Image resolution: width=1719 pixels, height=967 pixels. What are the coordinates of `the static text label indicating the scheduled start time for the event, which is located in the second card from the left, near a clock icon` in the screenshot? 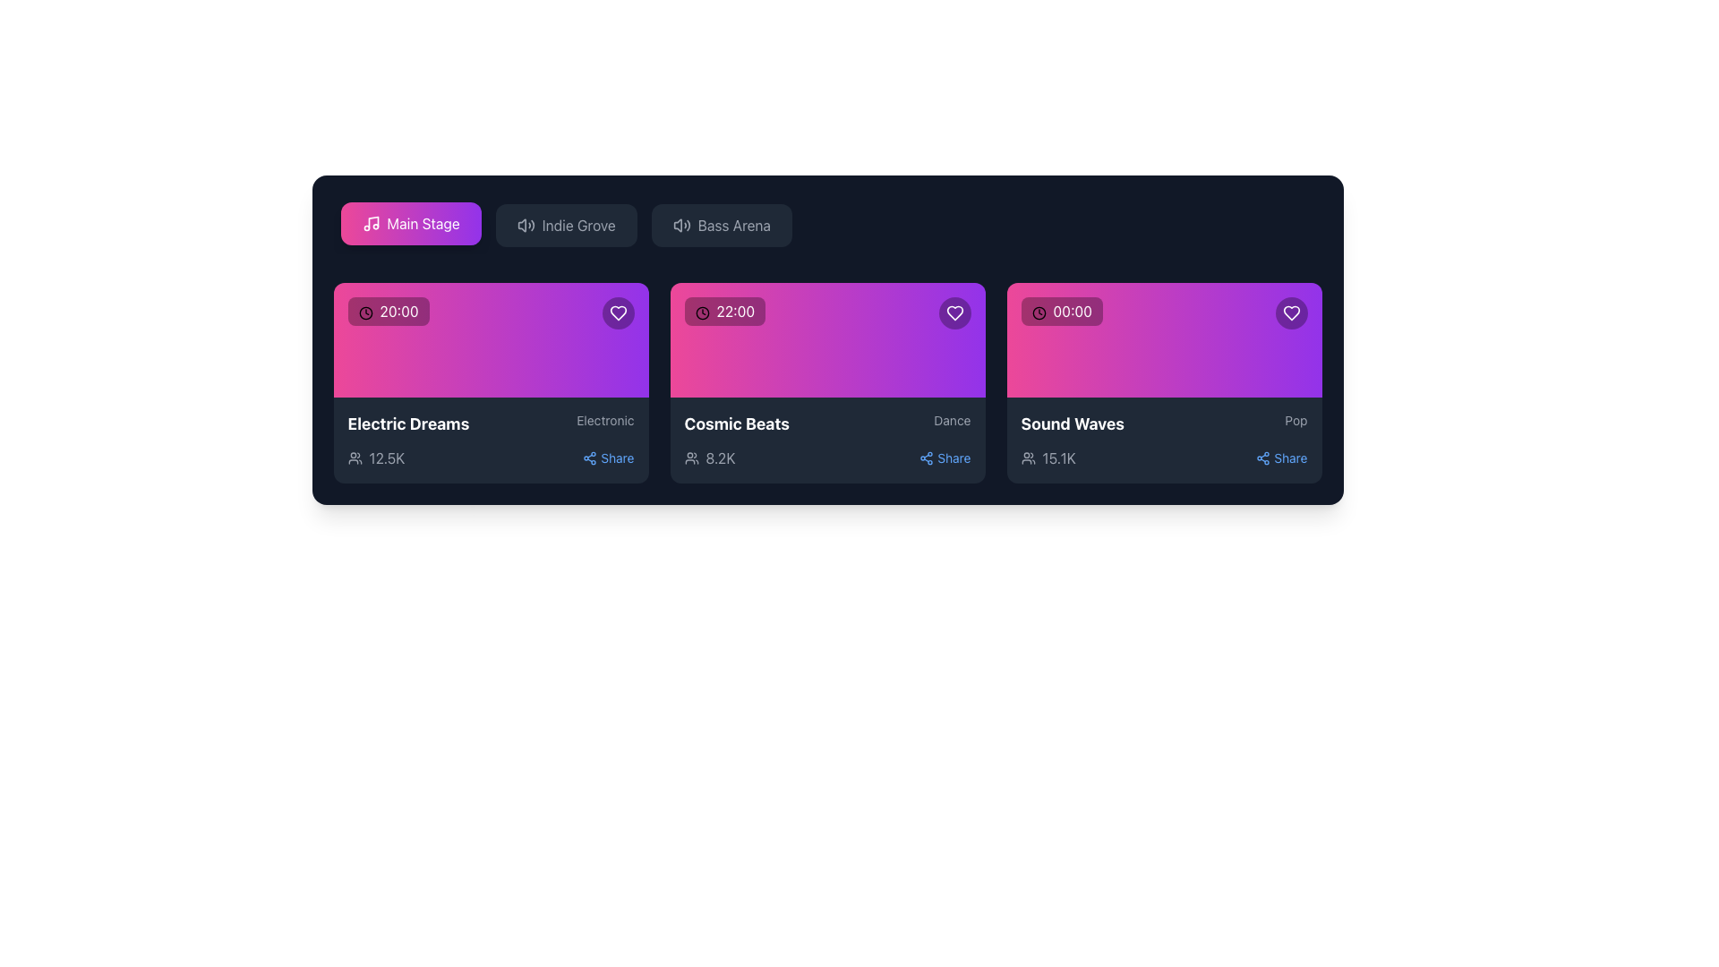 It's located at (735, 310).